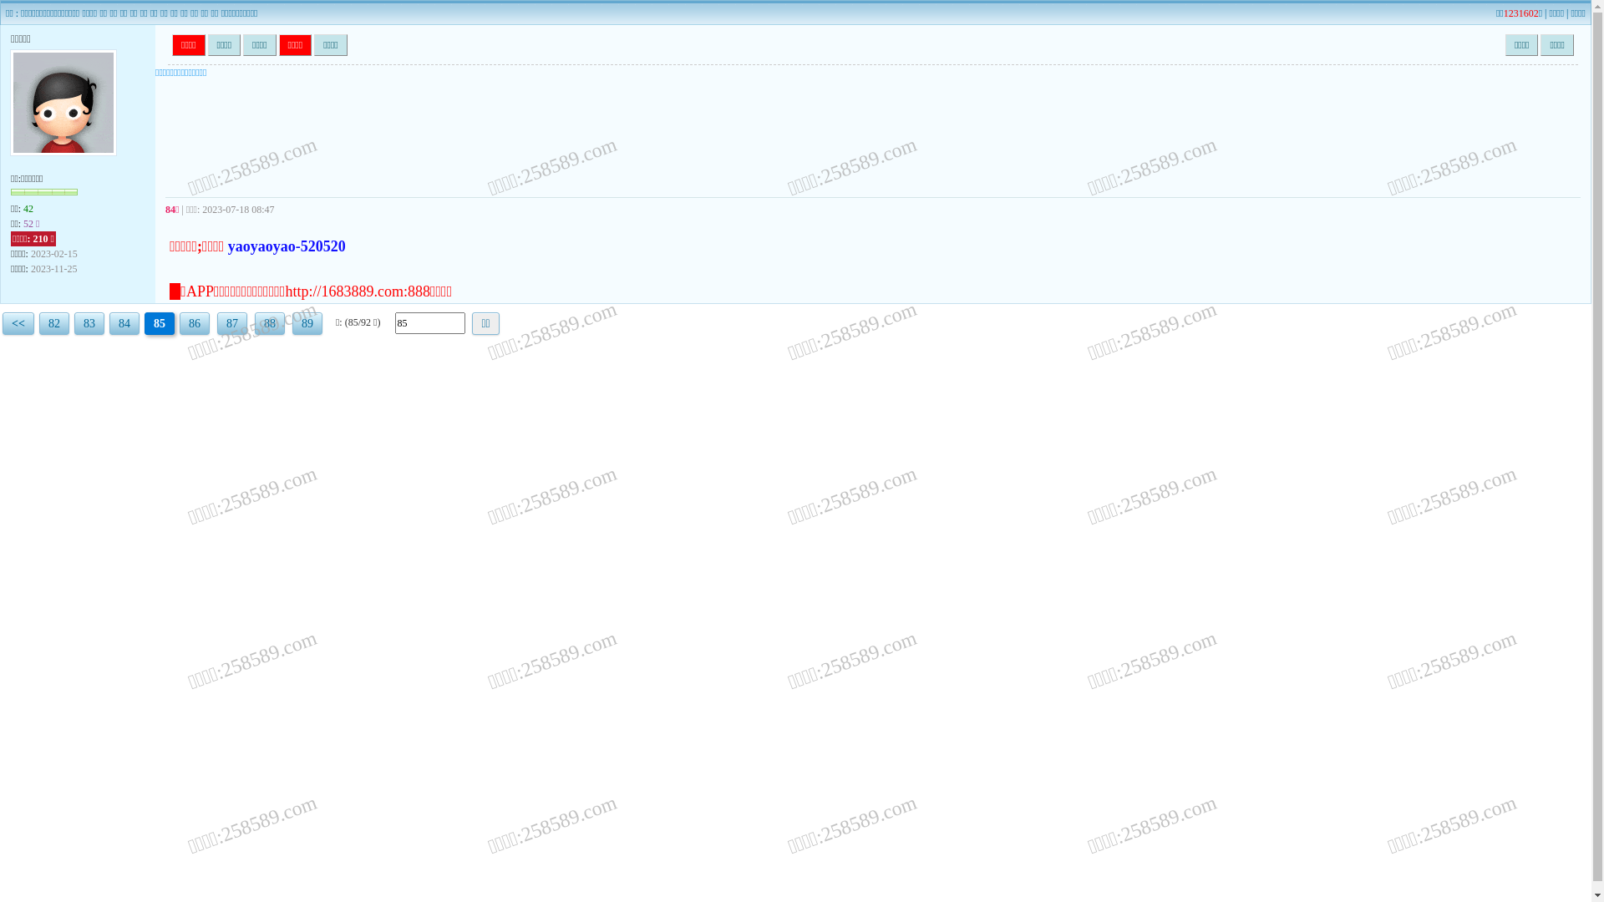 This screenshot has height=902, width=1604. I want to click on '87', so click(231, 323).